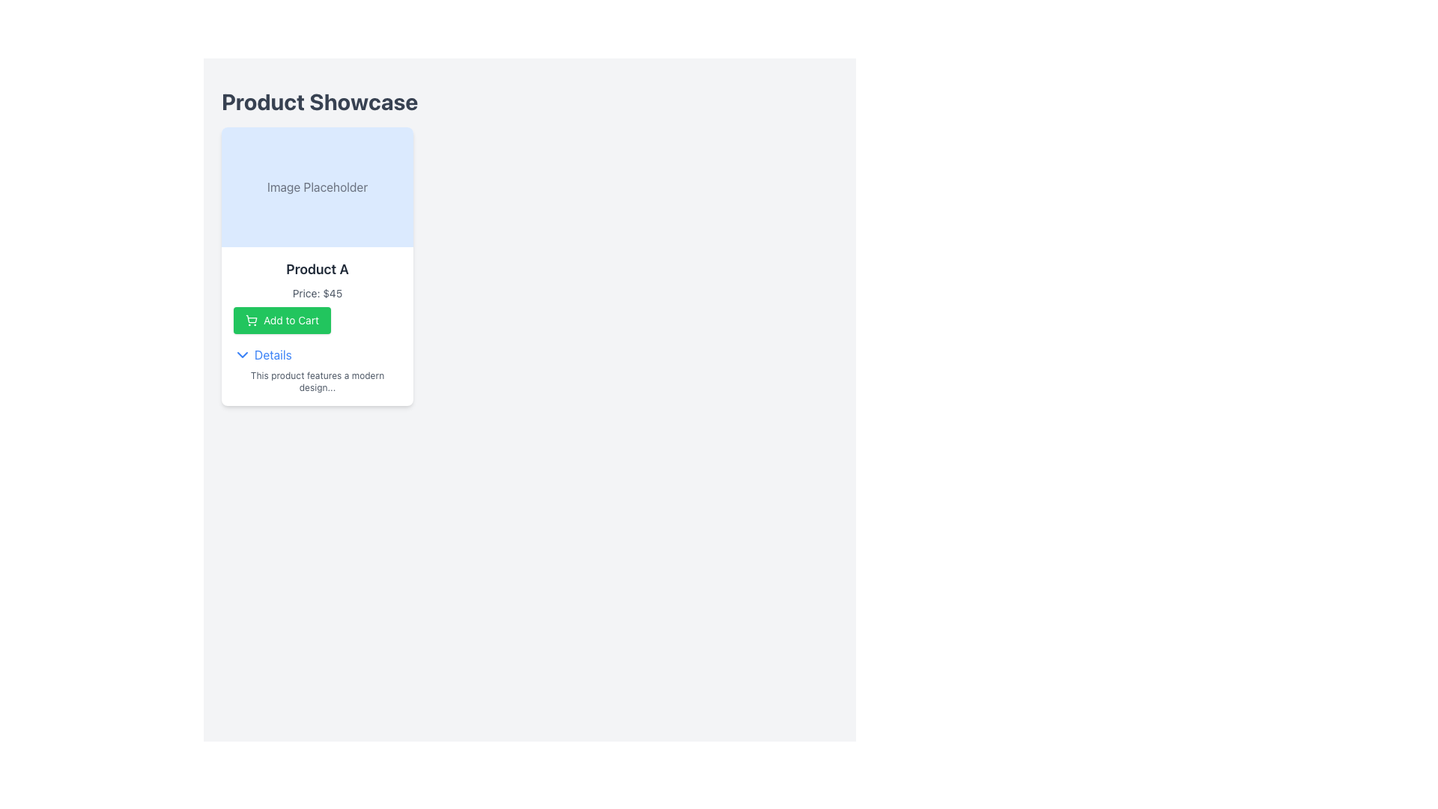  Describe the element at coordinates (316, 366) in the screenshot. I see `the text block containing the heading 'Details' styled in blue and underlined, along with the descriptive sentence about the product` at that location.